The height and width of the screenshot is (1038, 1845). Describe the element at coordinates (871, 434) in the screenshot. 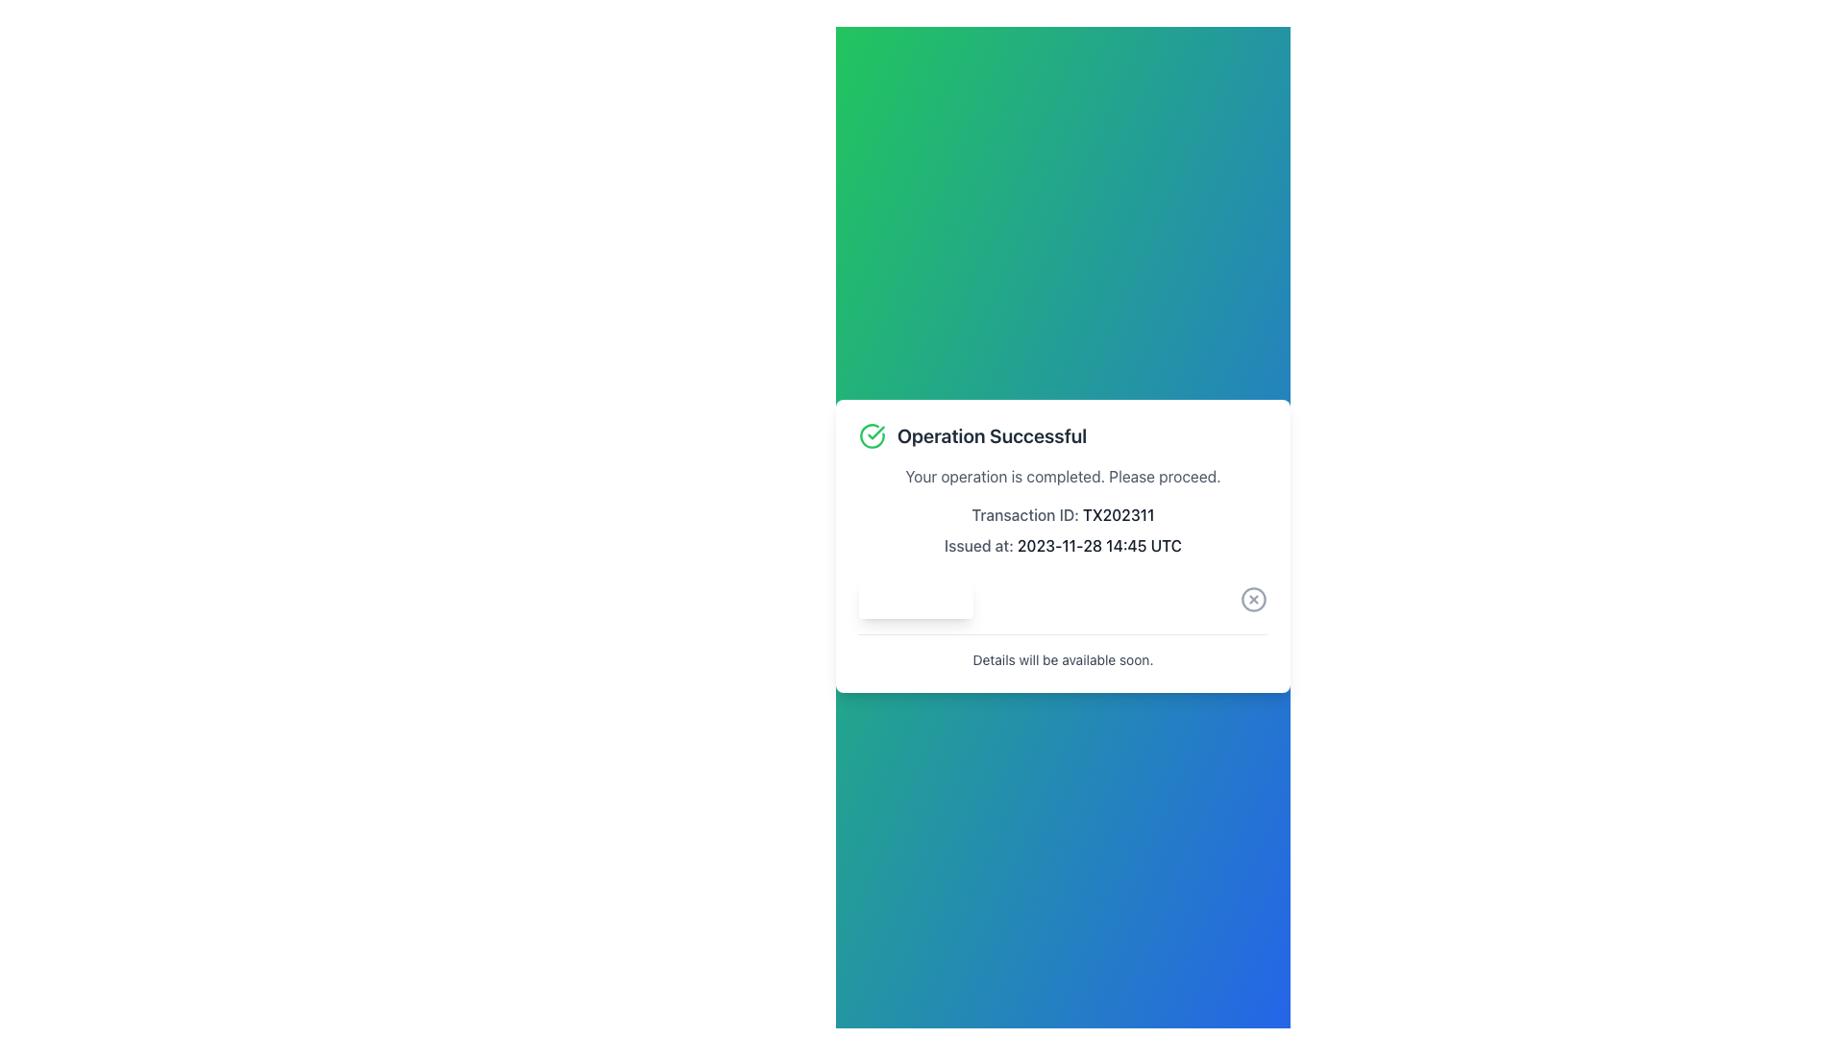

I see `properties of the upper part of the circular segment within the SVG confirmation popup indicating 'Operation Successful.'` at that location.